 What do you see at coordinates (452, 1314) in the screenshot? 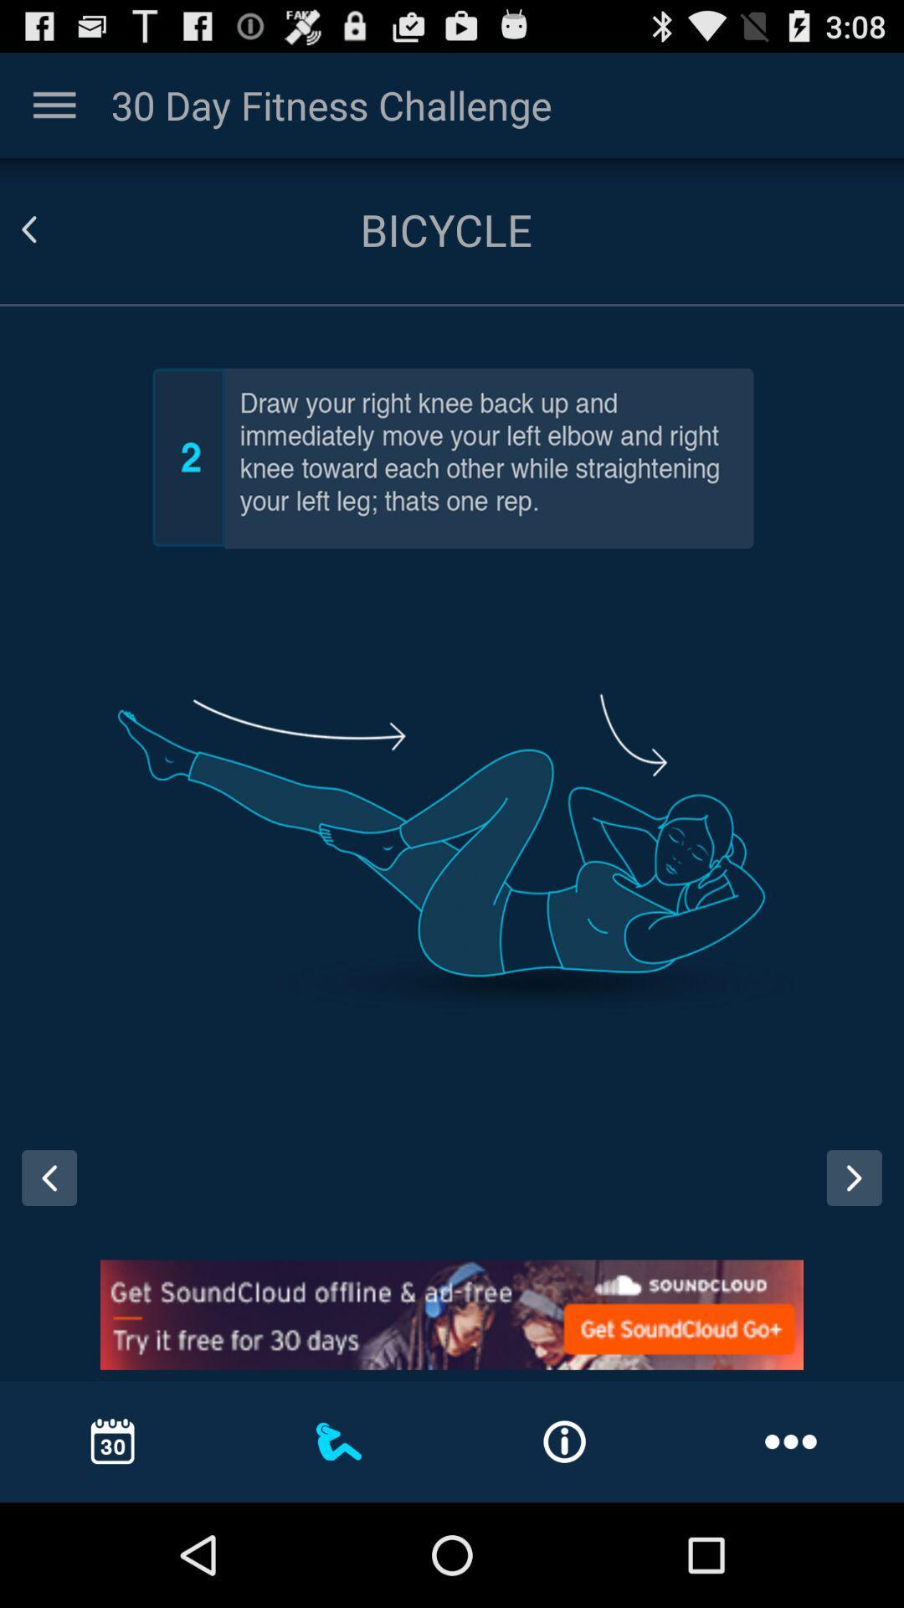
I see `advertisement` at bounding box center [452, 1314].